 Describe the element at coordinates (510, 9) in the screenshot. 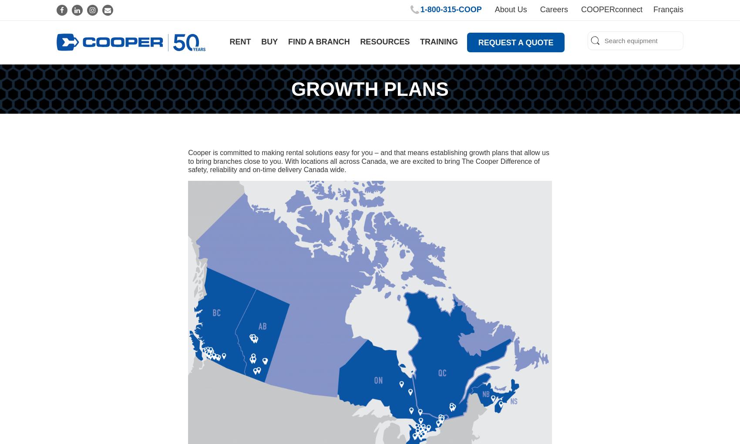

I see `'About Us'` at that location.